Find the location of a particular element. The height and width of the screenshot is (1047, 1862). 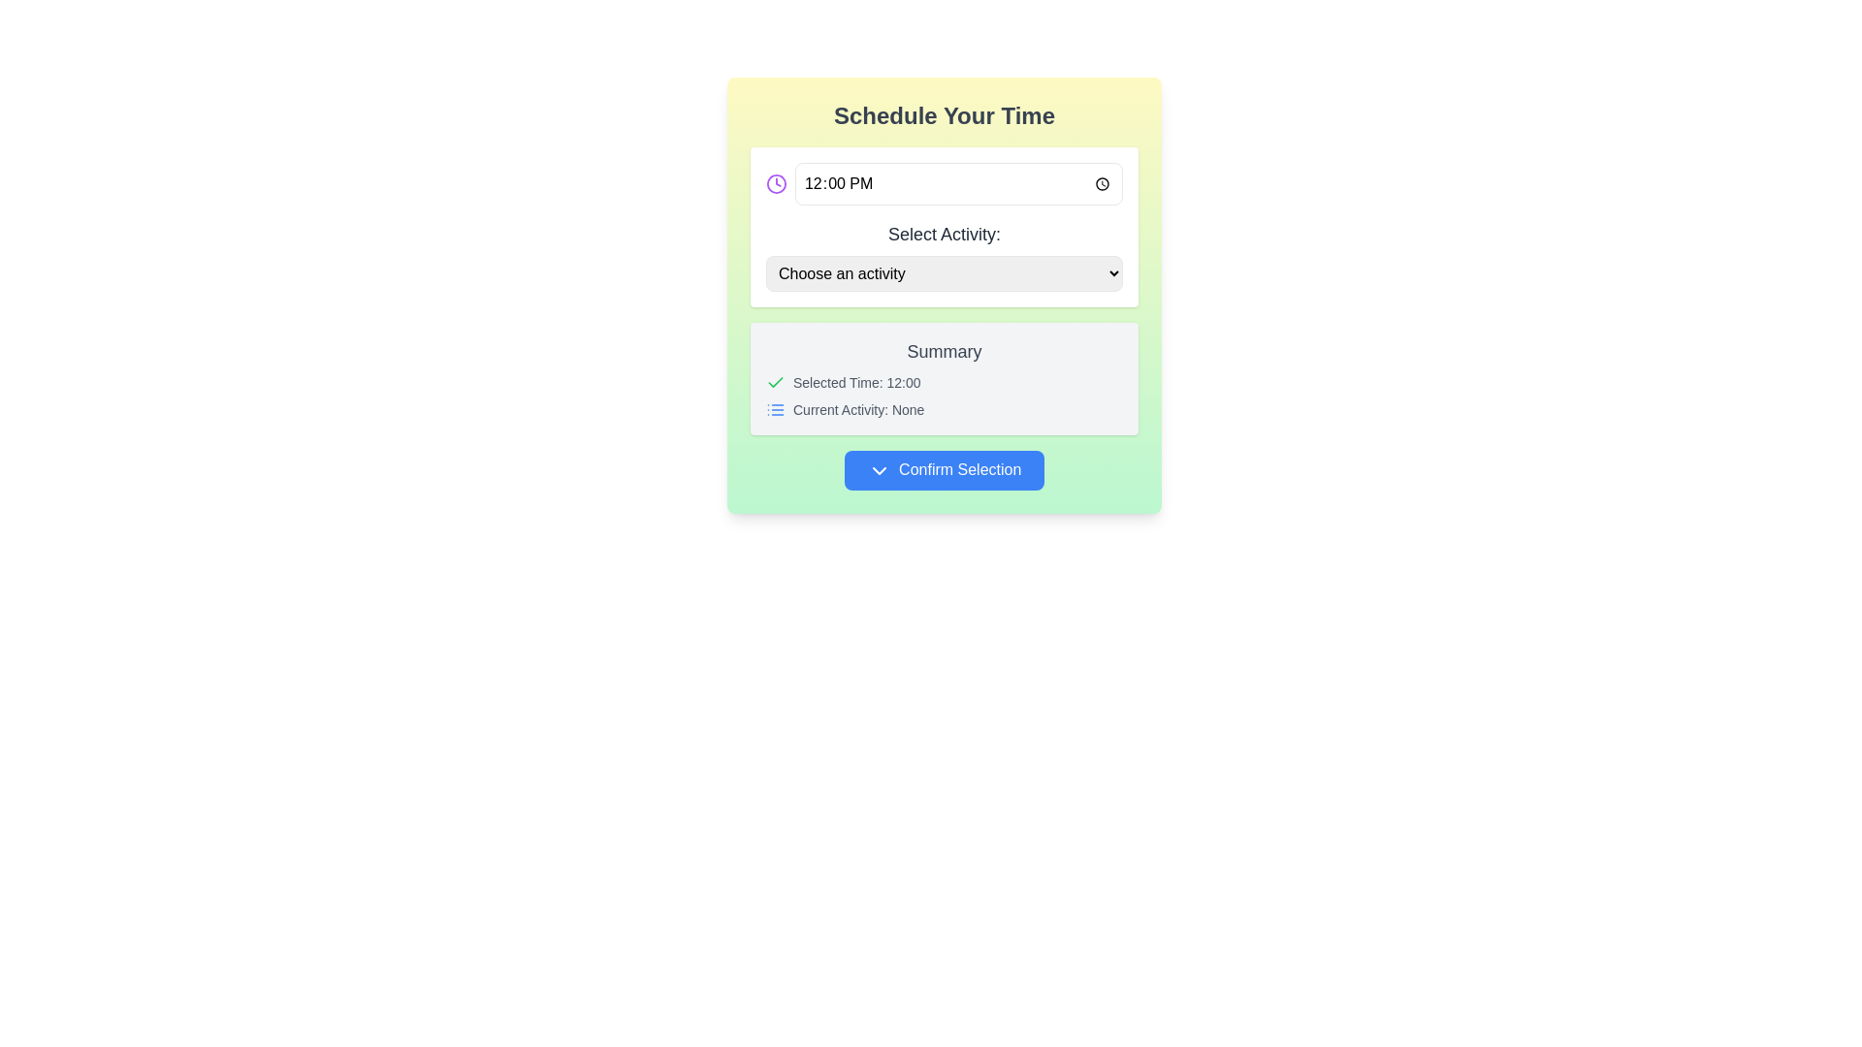

the Time input field displaying '12:00' to select or input a time is located at coordinates (958, 183).